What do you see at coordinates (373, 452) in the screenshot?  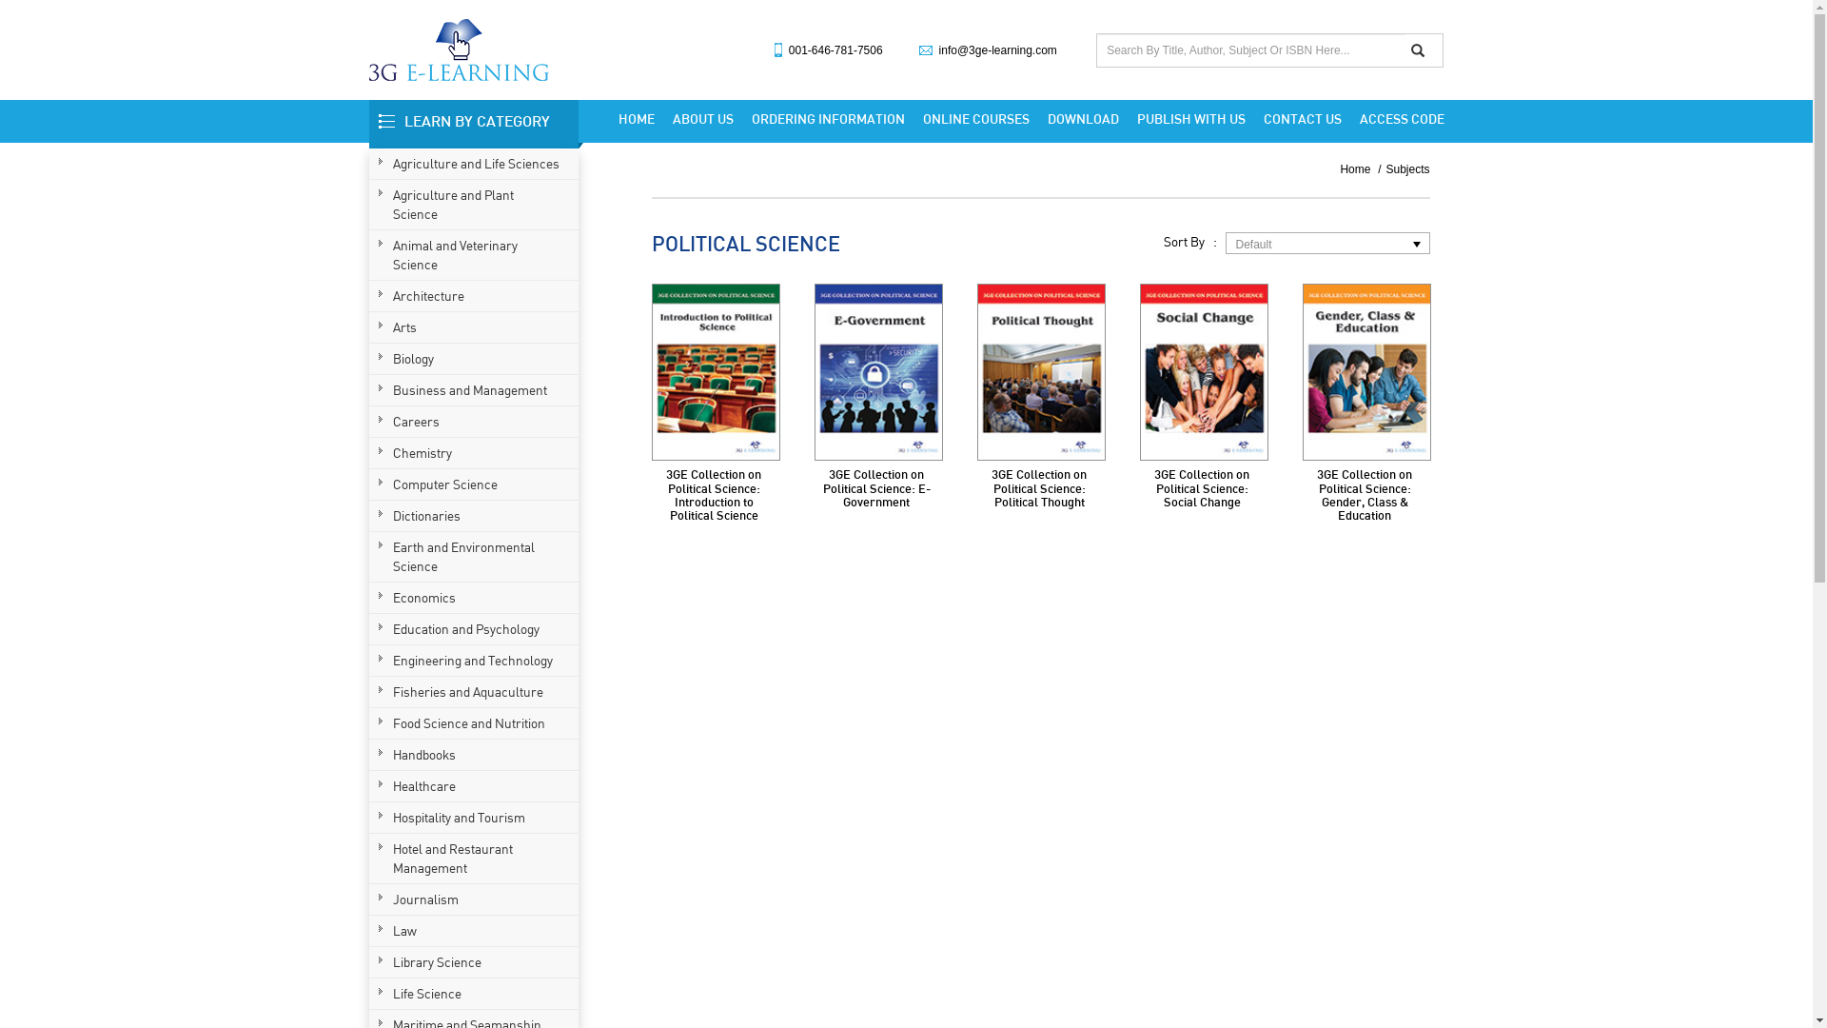 I see `'Chemistry'` at bounding box center [373, 452].